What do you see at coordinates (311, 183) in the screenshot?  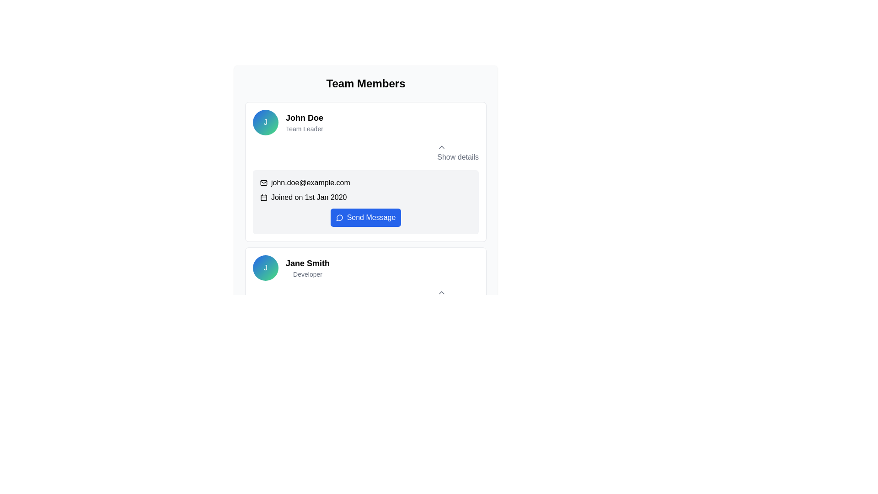 I see `the text element displaying 'john.doe@example.com' in a black sans-serif font, located in the user information card under the 'Team Members' section` at bounding box center [311, 183].